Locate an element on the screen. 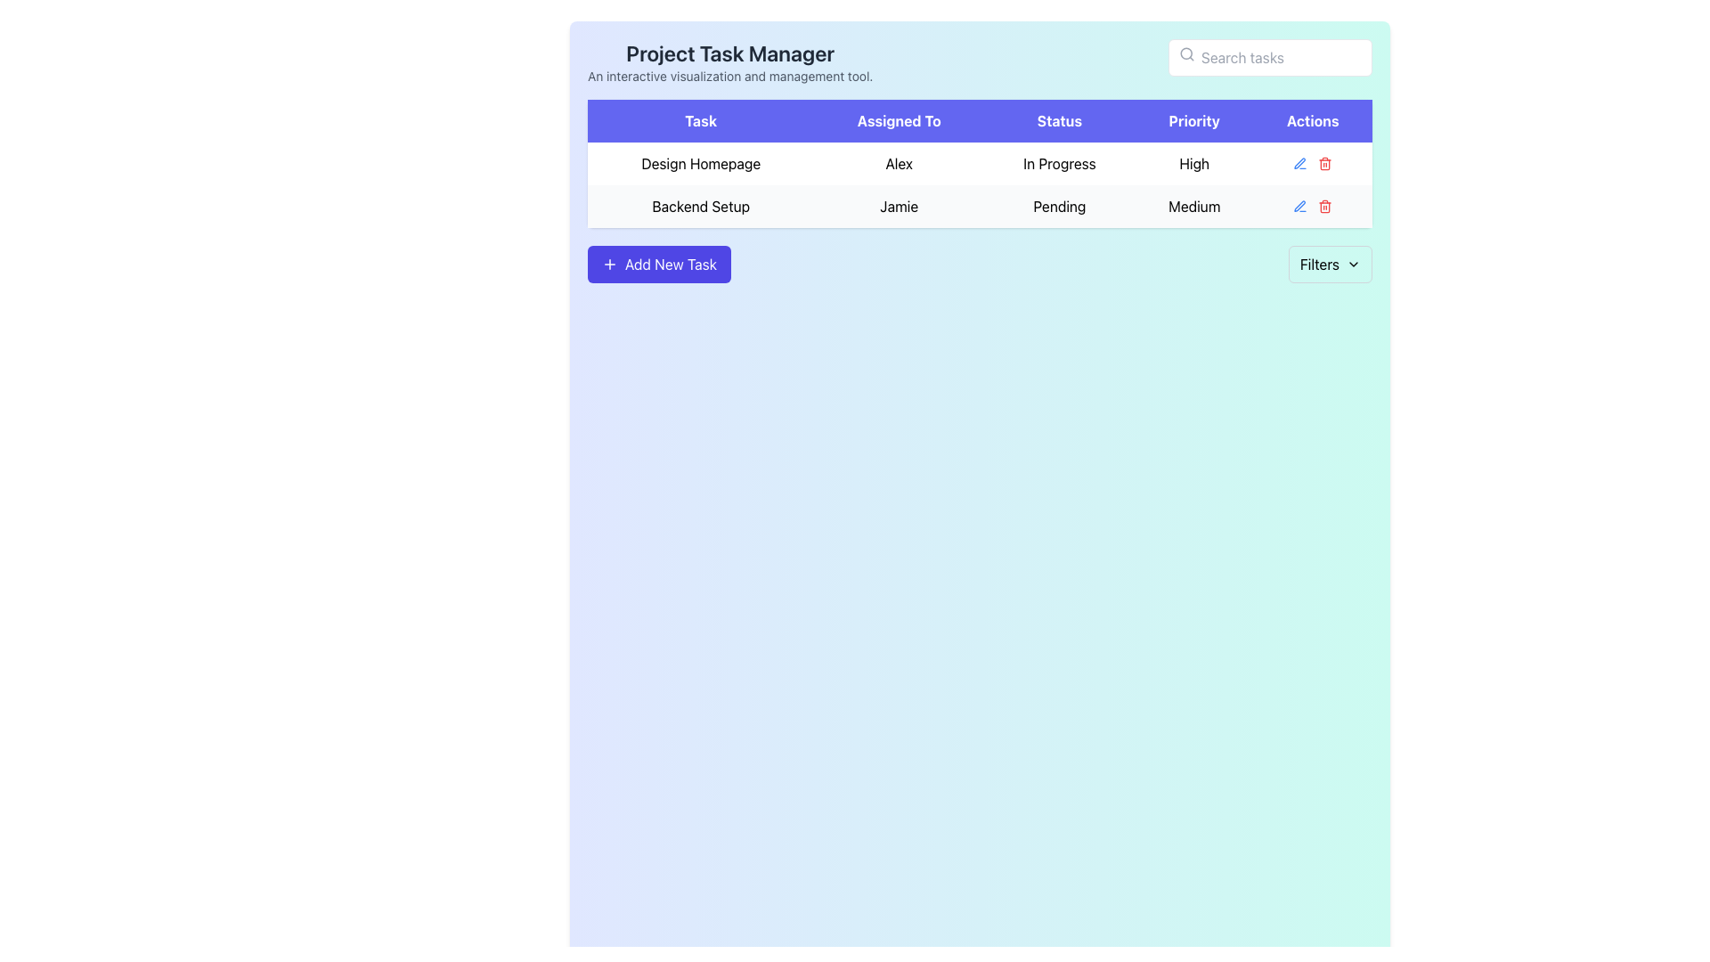 The height and width of the screenshot is (962, 1710). the 'Priority' Table Column Header, which is a rectangular button-like component with white text on a purple background, located between the 'Status' and 'Actions' headers is located at coordinates (1194, 120).